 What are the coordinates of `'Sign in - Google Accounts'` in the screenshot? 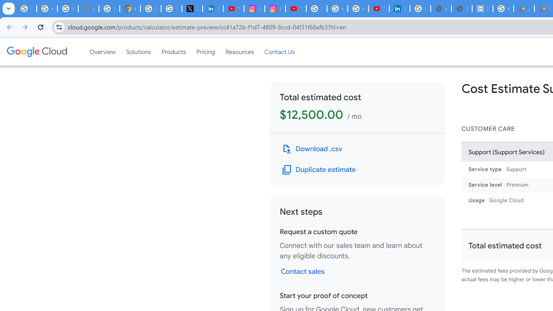 It's located at (420, 9).